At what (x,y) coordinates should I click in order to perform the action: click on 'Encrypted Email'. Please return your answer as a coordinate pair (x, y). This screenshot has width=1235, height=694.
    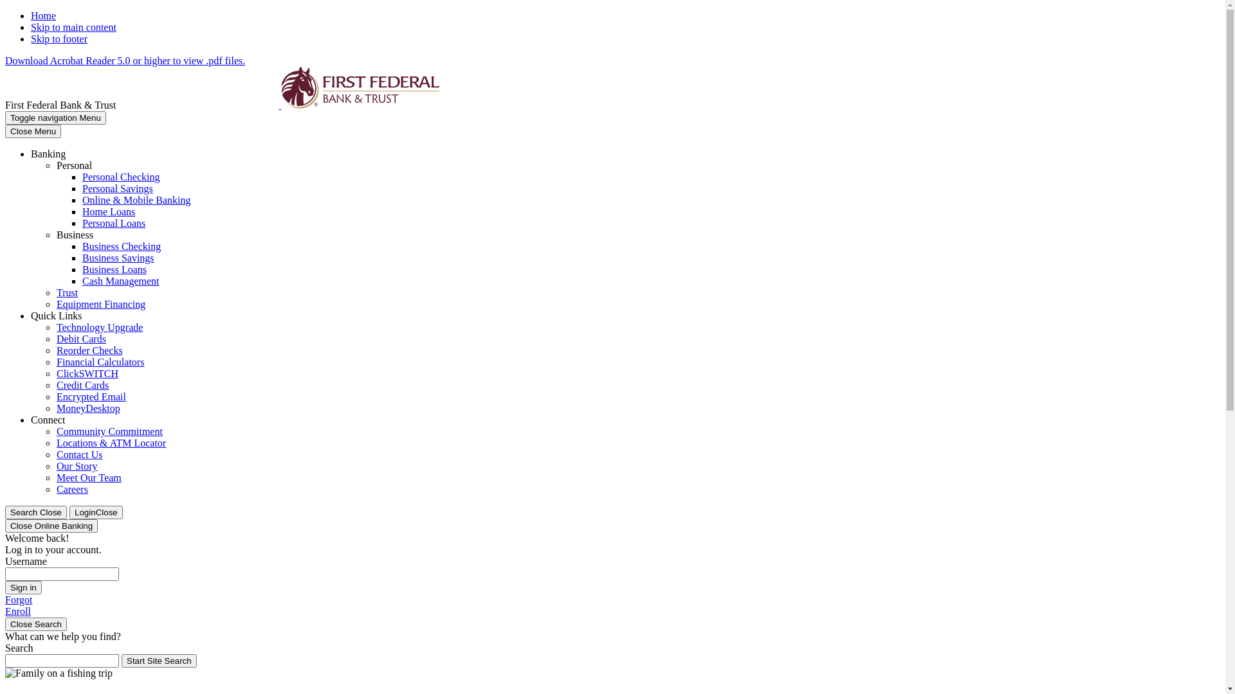
    Looking at the image, I should click on (91, 396).